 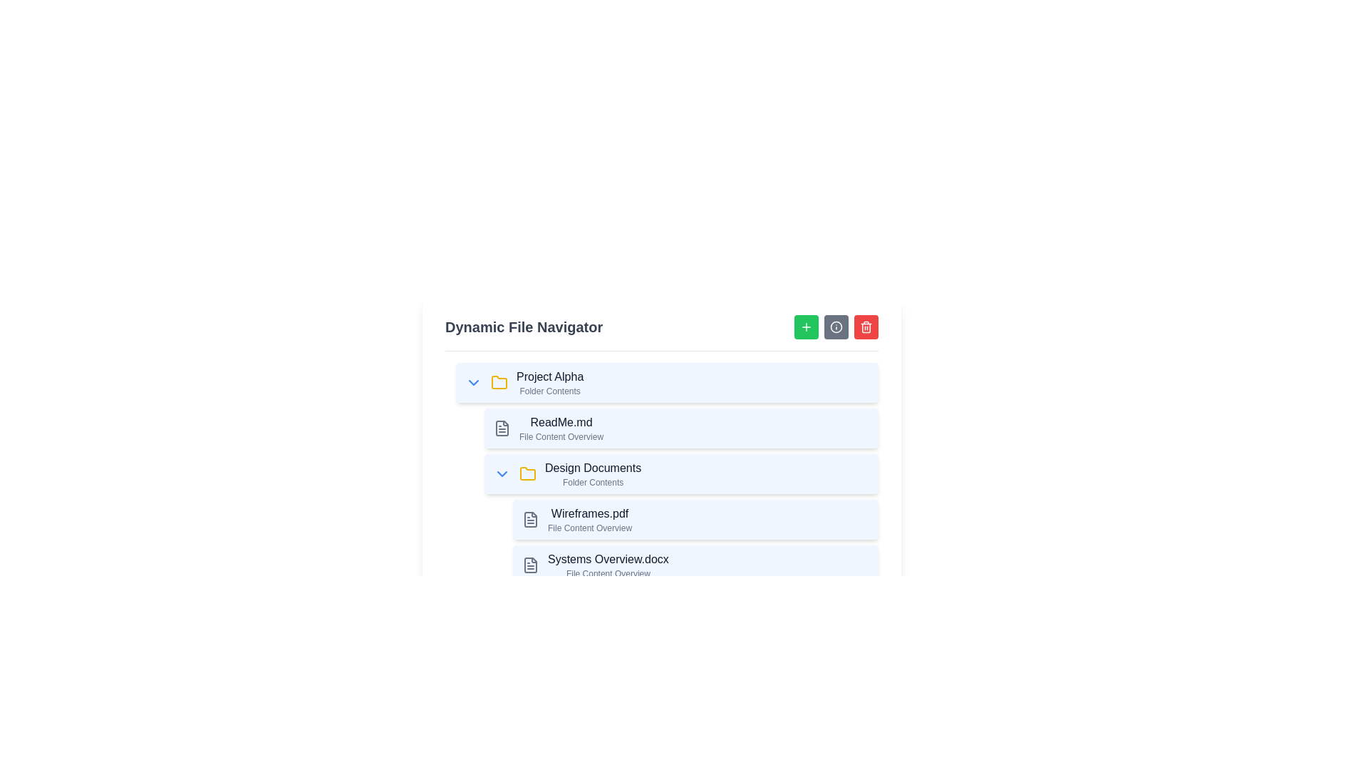 I want to click on the Text label displaying the file name 'ReadMe.md', so click(x=560, y=422).